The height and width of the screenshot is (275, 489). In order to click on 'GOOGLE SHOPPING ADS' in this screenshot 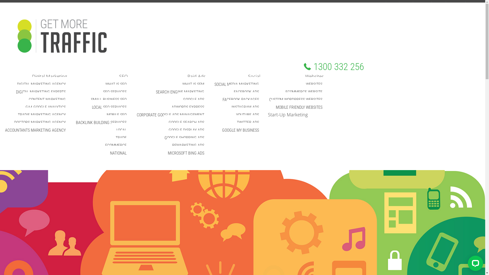, I will do `click(159, 138)`.